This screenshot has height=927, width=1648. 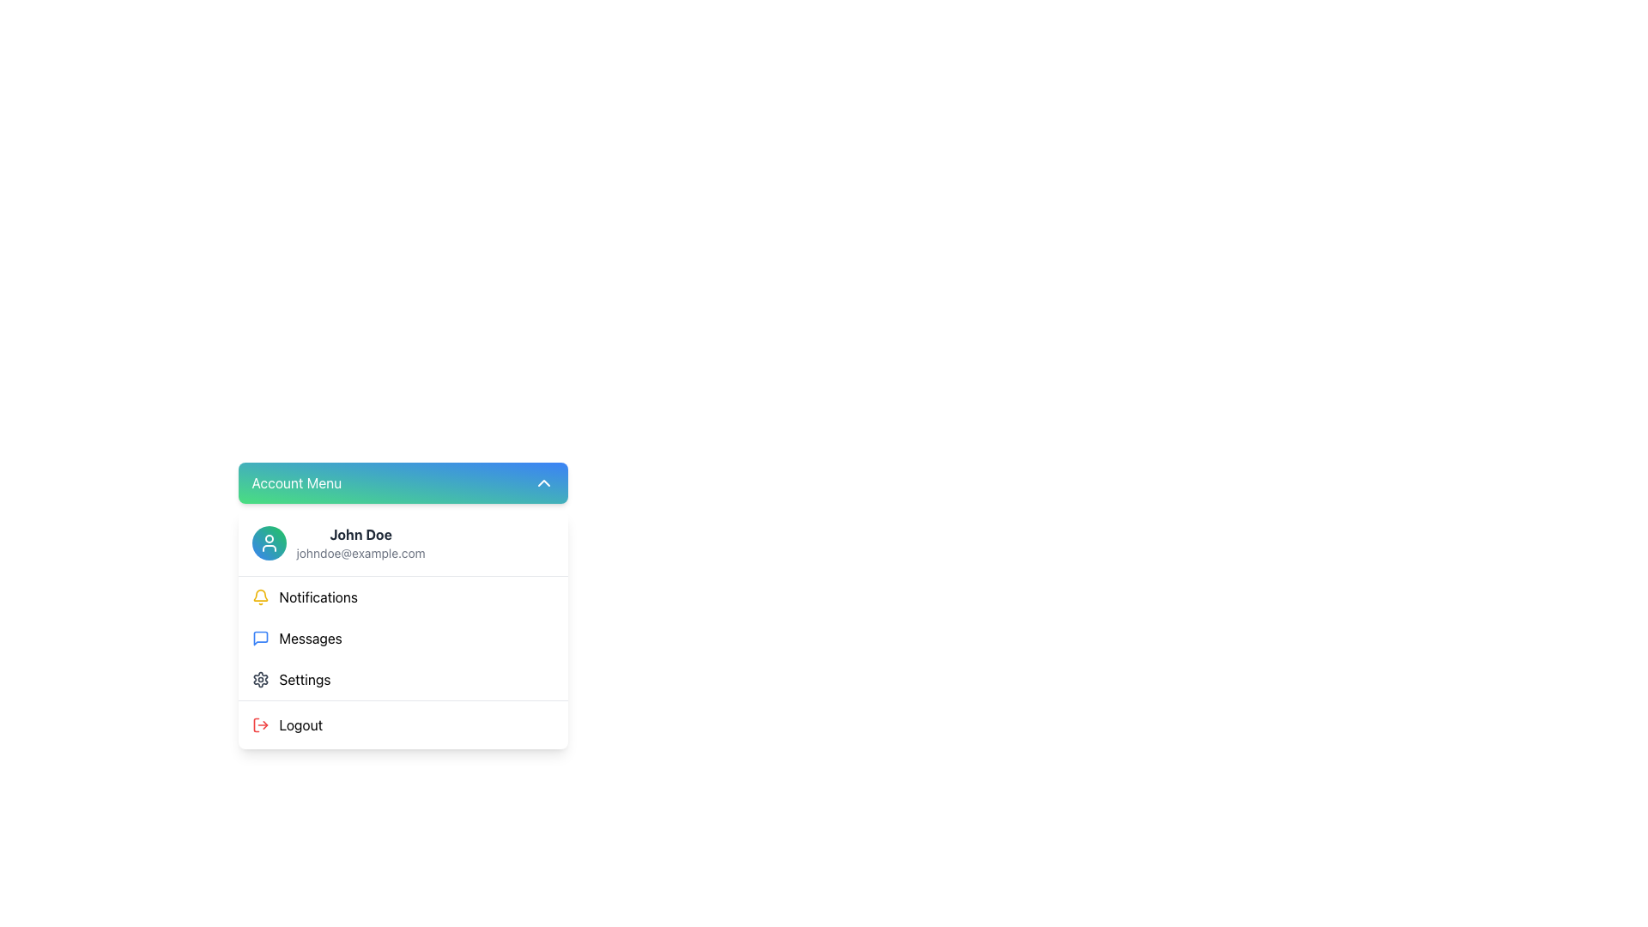 What do you see at coordinates (402, 638) in the screenshot?
I see `the 'Messages' item in the navigation menu located in the middle segment of the dropdown UI component, positioned below the user details section and above the 'Logout' button` at bounding box center [402, 638].